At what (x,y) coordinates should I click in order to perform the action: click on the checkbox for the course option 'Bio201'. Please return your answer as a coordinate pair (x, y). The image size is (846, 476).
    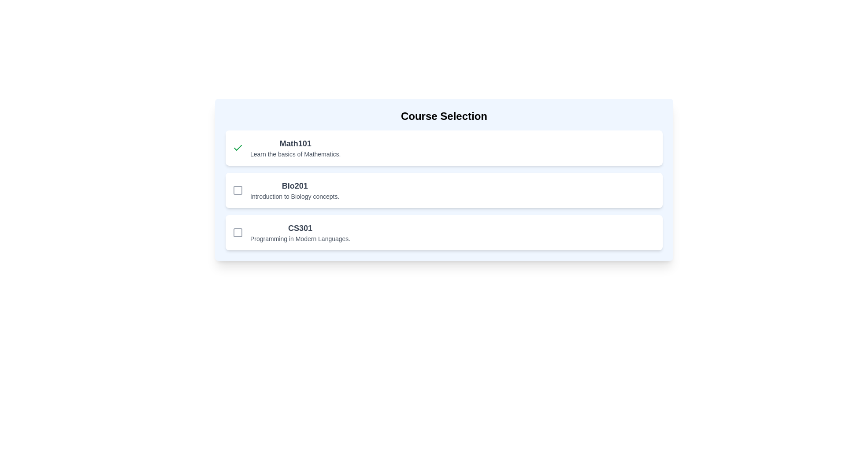
    Looking at the image, I should click on (237, 190).